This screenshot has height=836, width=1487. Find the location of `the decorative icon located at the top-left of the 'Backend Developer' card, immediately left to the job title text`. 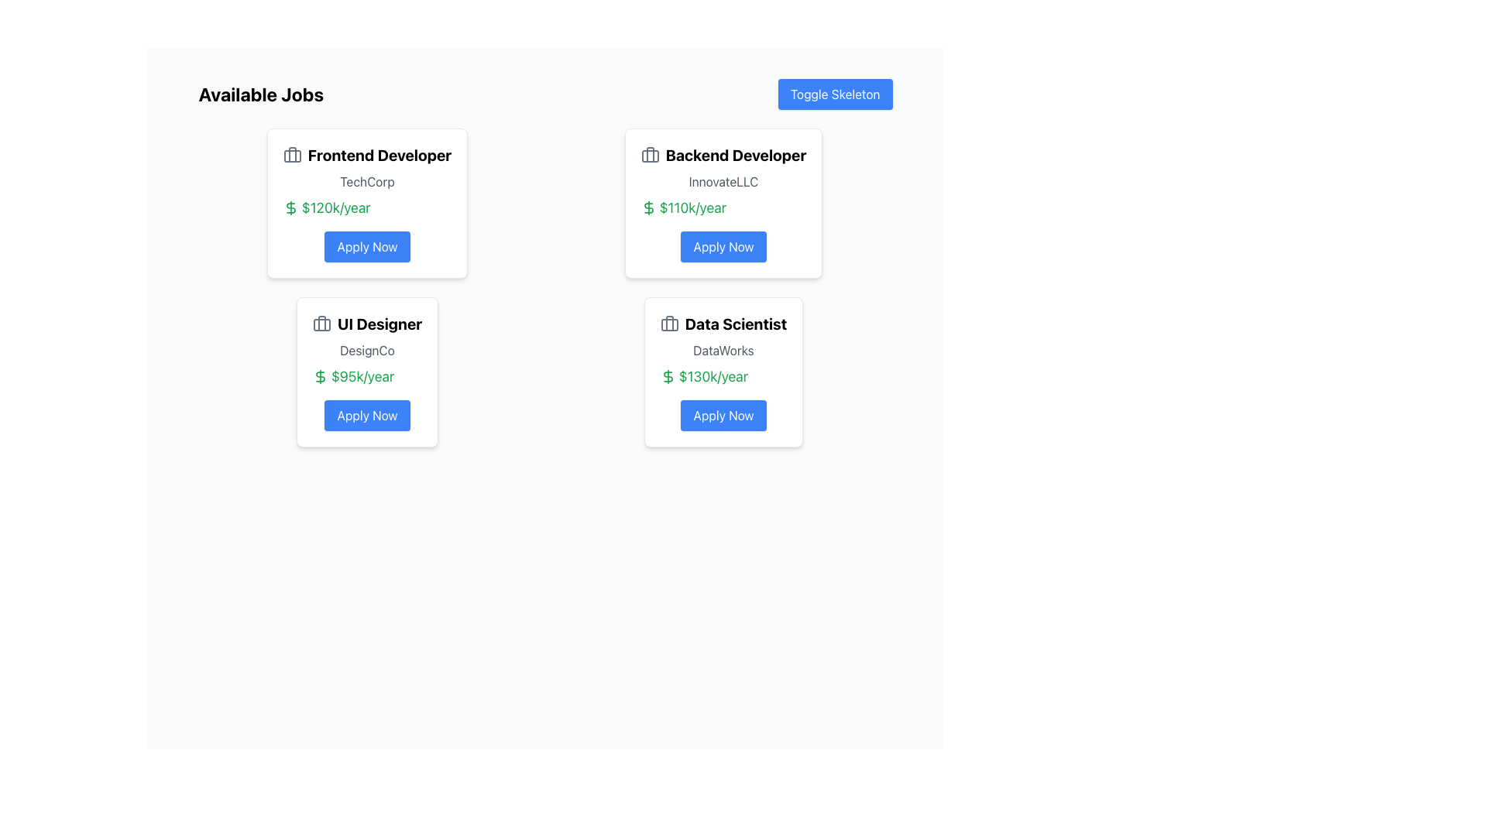

the decorative icon located at the top-left of the 'Backend Developer' card, immediately left to the job title text is located at coordinates (650, 155).